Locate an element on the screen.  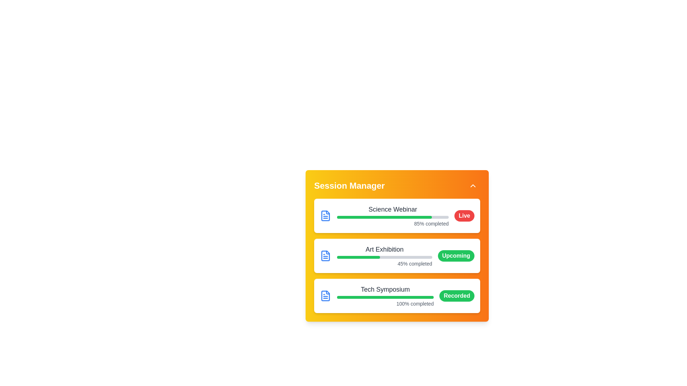
the progress bar indicating 45% completion within the 'Art Exhibition' card in the 'Session Manager' interface is located at coordinates (358, 257).